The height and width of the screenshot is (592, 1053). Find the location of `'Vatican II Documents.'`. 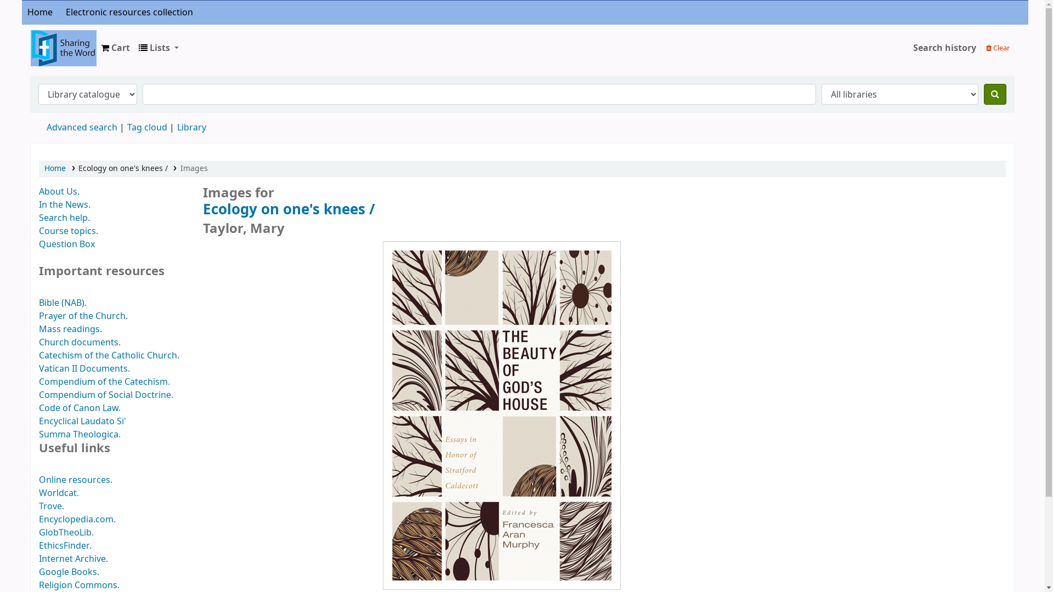

'Vatican II Documents.' is located at coordinates (39, 368).